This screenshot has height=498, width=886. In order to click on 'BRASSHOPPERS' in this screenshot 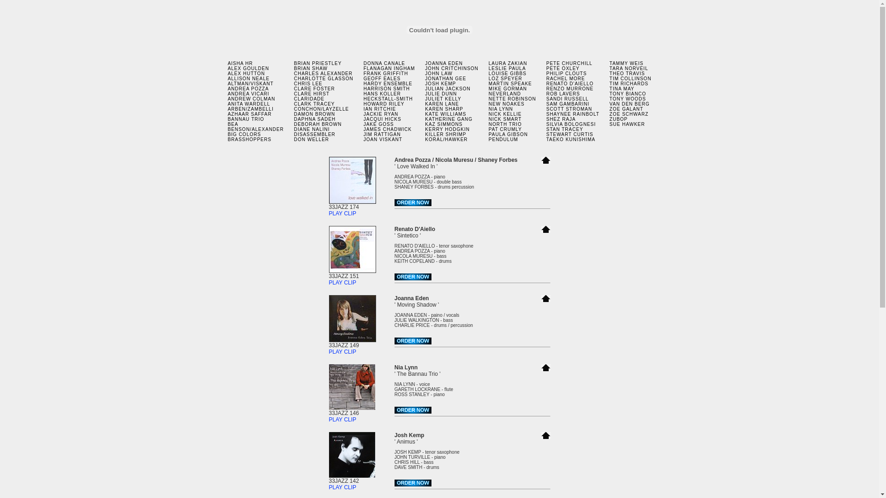, I will do `click(249, 139)`.